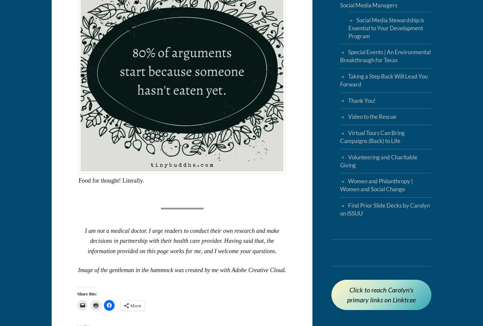  I want to click on 'Social Media Stewardship is Essential to Your Development Program', so click(386, 28).